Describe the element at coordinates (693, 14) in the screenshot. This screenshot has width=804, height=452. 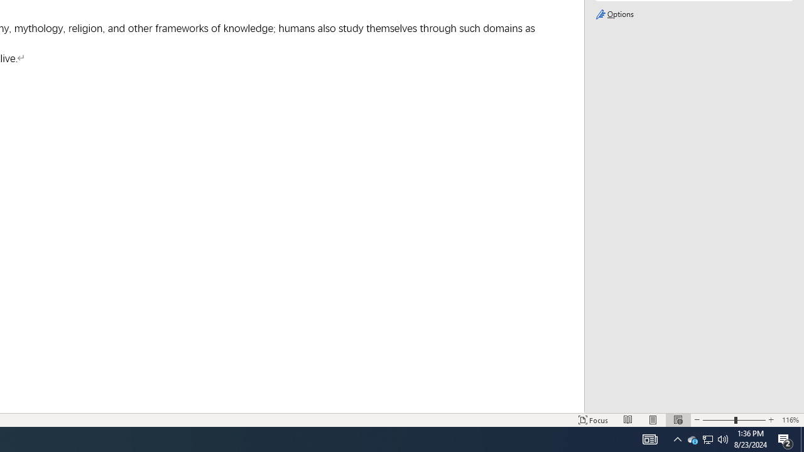
I see `'Options'` at that location.